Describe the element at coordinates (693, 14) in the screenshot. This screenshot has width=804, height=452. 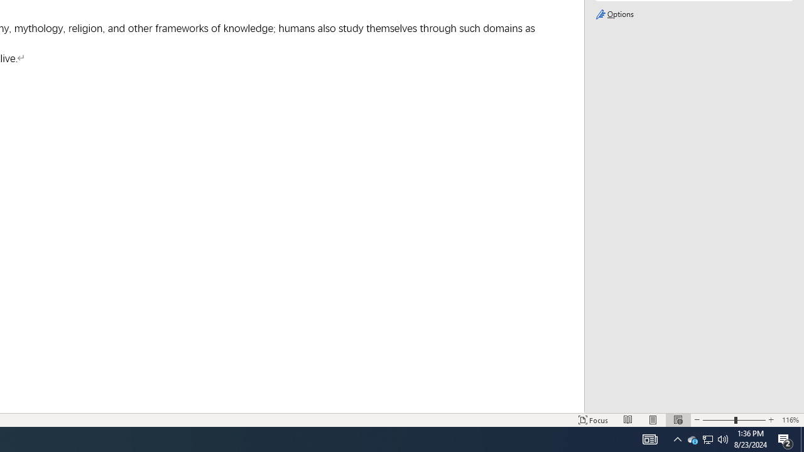
I see `'Options'` at that location.